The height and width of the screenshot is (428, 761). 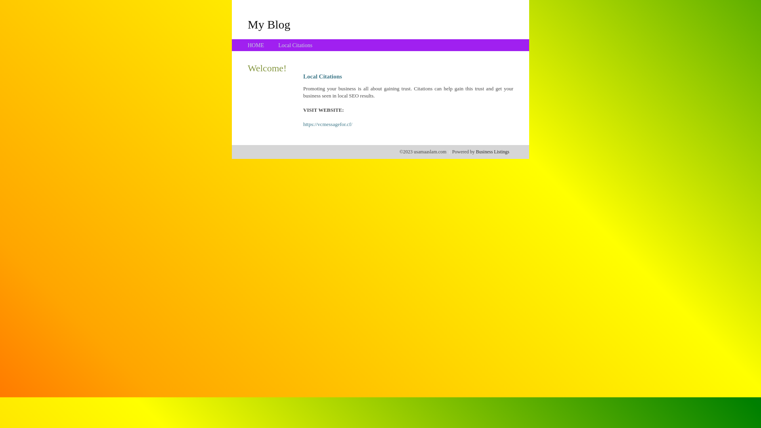 What do you see at coordinates (302, 124) in the screenshot?
I see `'https://vcmessagefor.cf/'` at bounding box center [302, 124].